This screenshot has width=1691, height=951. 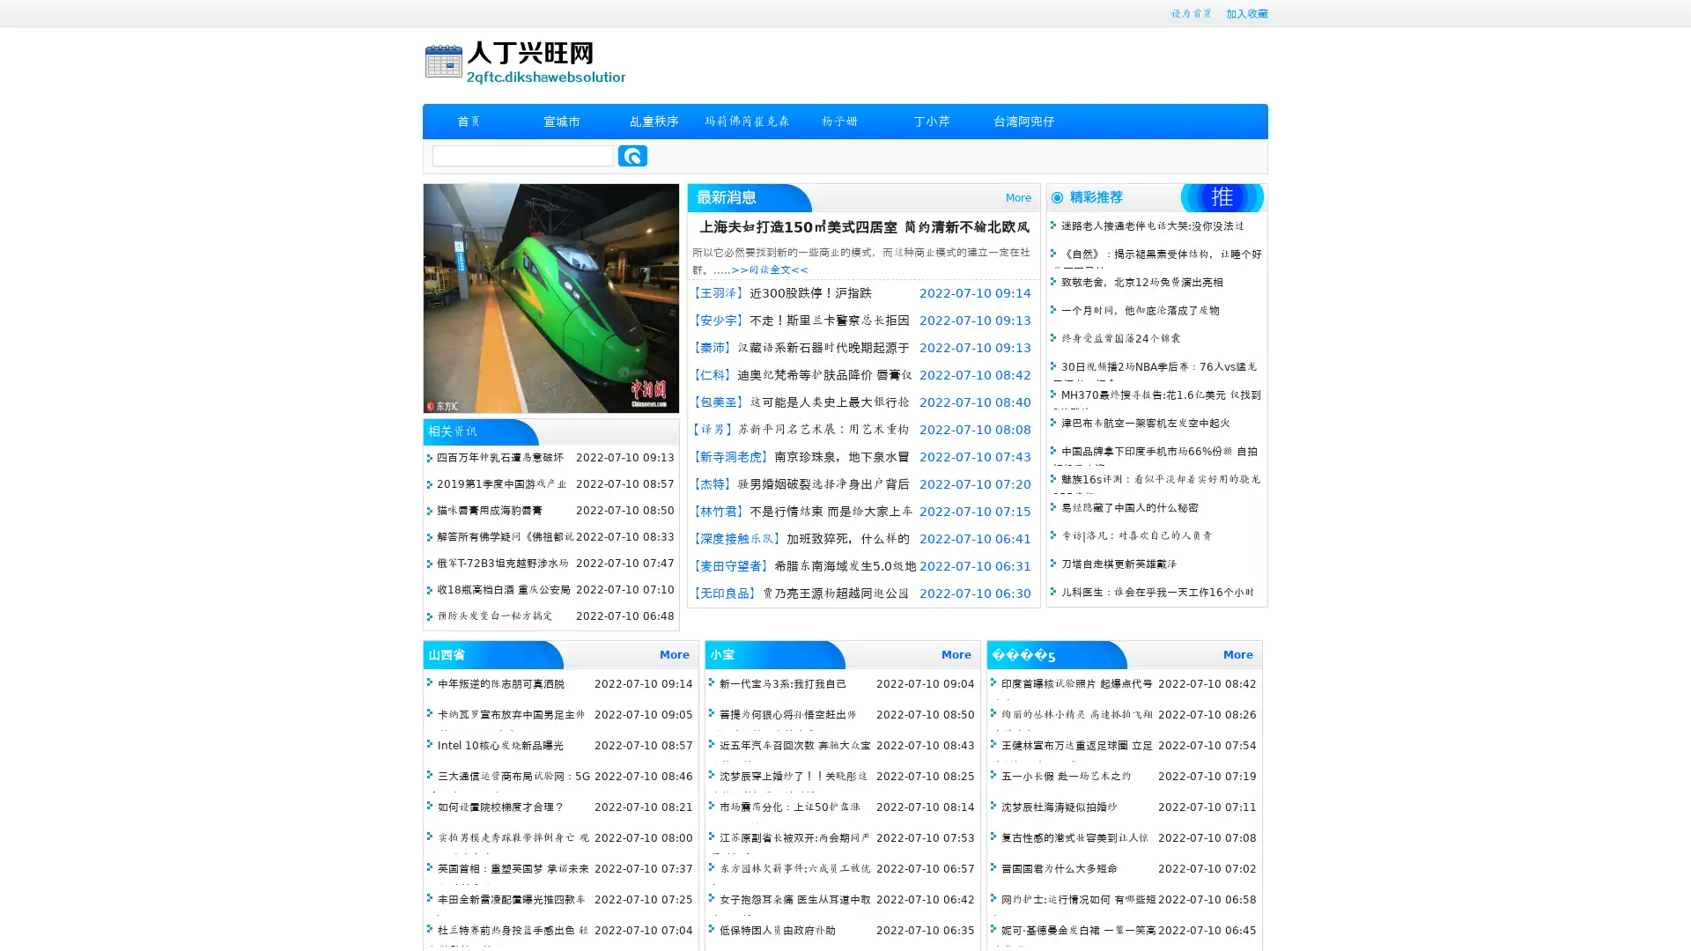 What do you see at coordinates (632, 155) in the screenshot?
I see `Search` at bounding box center [632, 155].